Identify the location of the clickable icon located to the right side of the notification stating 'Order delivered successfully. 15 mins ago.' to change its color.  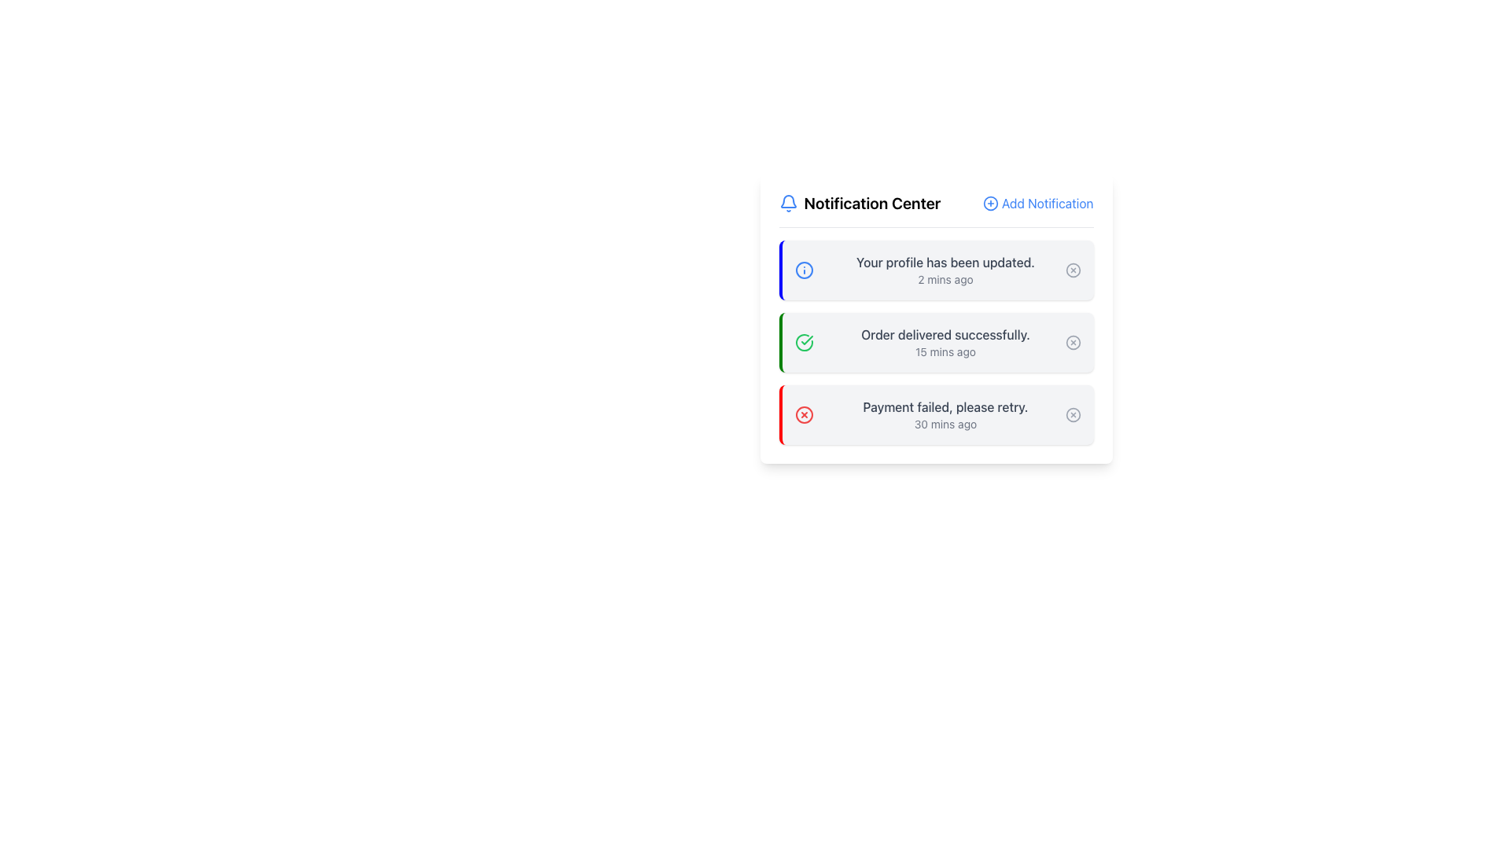
(1072, 341).